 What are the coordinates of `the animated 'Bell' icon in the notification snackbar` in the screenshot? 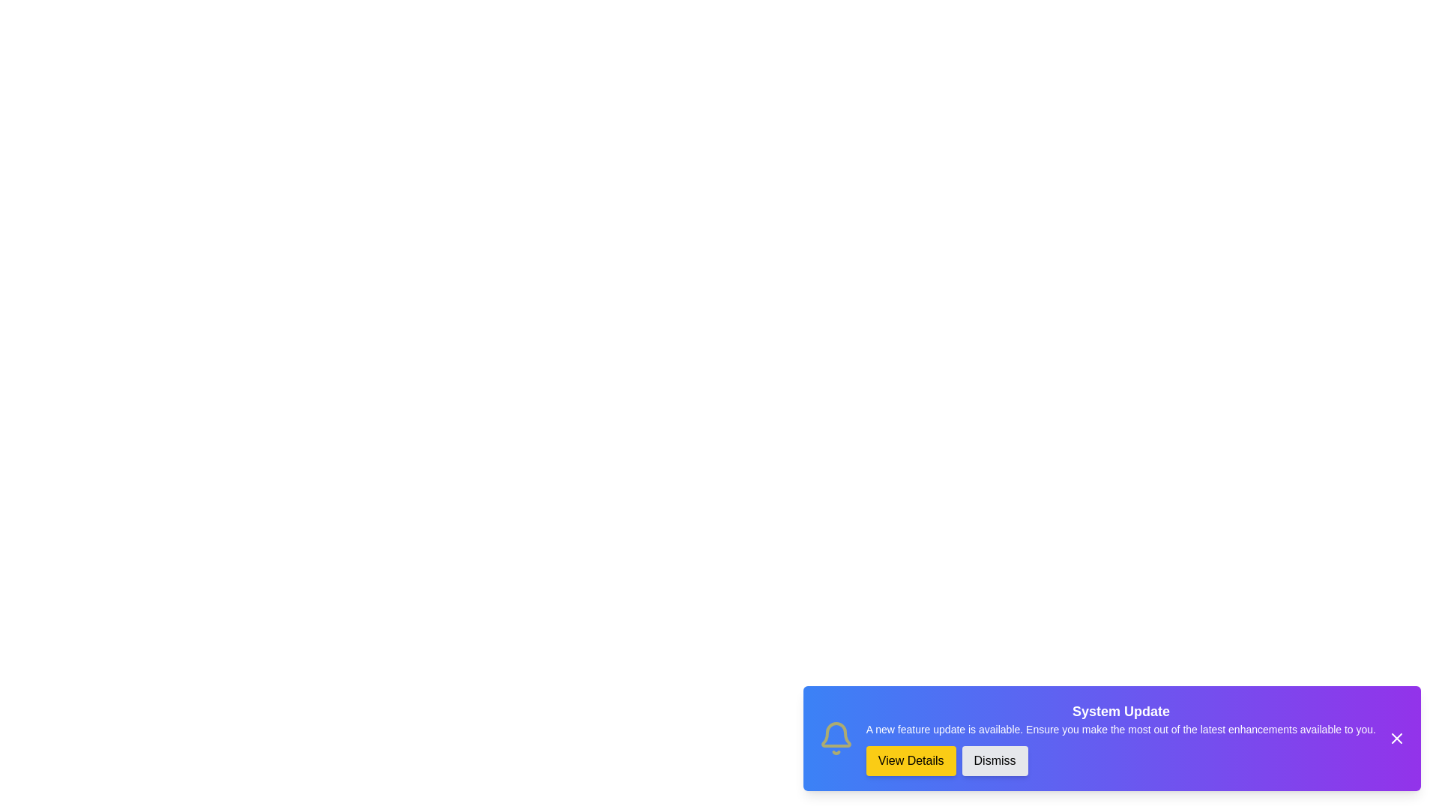 It's located at (835, 738).